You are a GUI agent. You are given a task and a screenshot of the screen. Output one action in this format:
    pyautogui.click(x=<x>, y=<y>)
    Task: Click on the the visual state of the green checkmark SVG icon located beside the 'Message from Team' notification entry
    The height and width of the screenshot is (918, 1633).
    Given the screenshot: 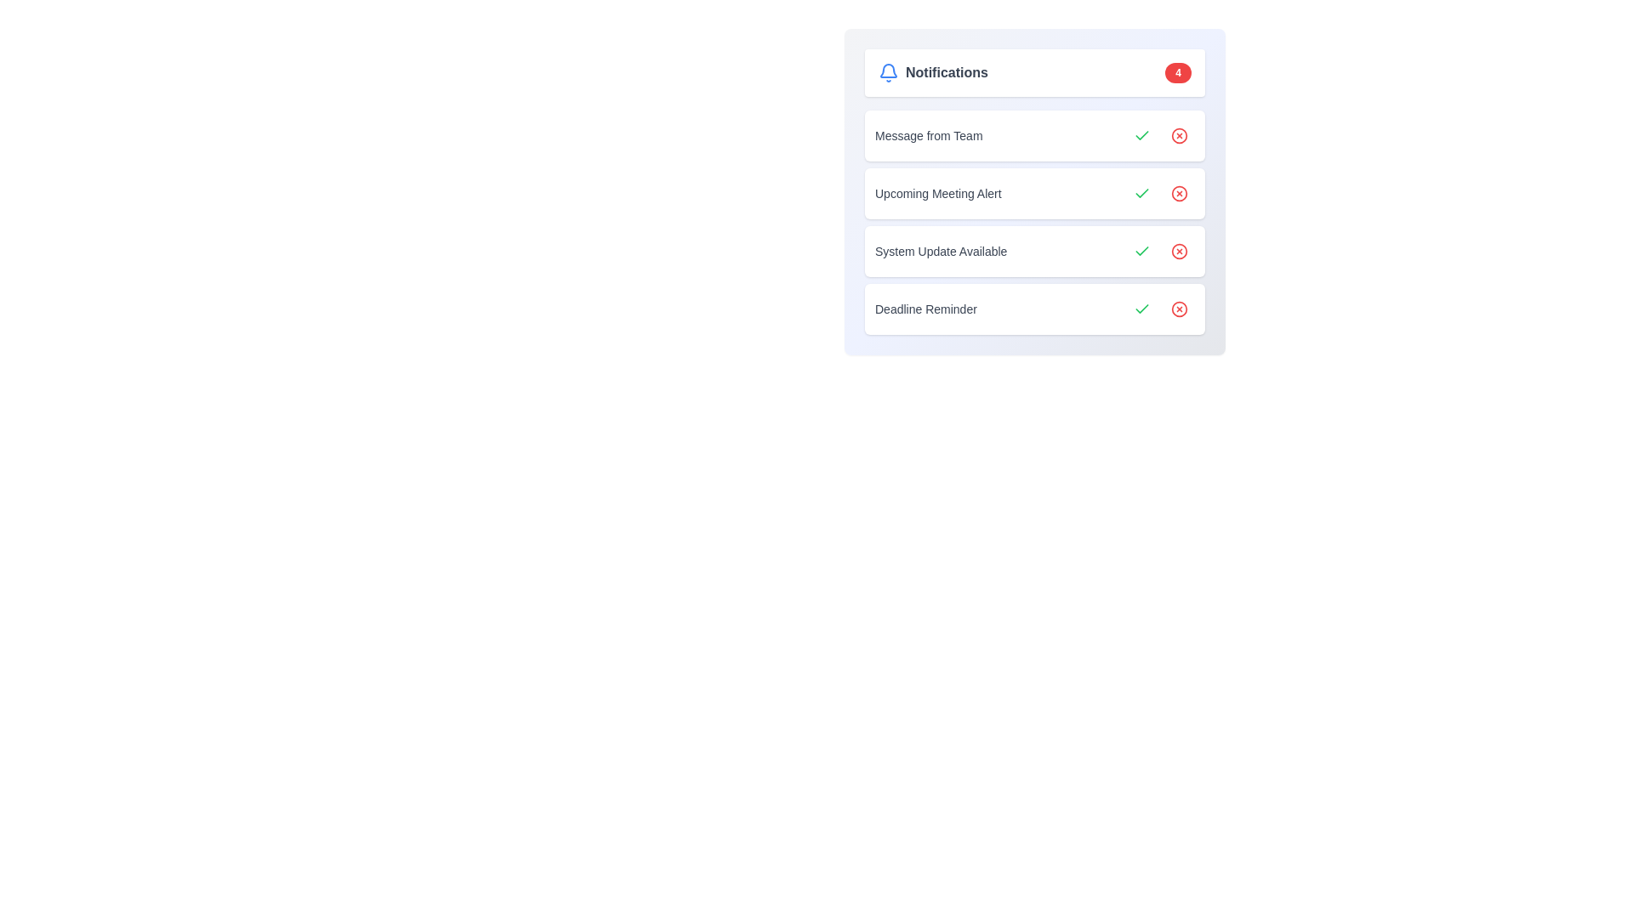 What is the action you would take?
    pyautogui.click(x=1142, y=192)
    